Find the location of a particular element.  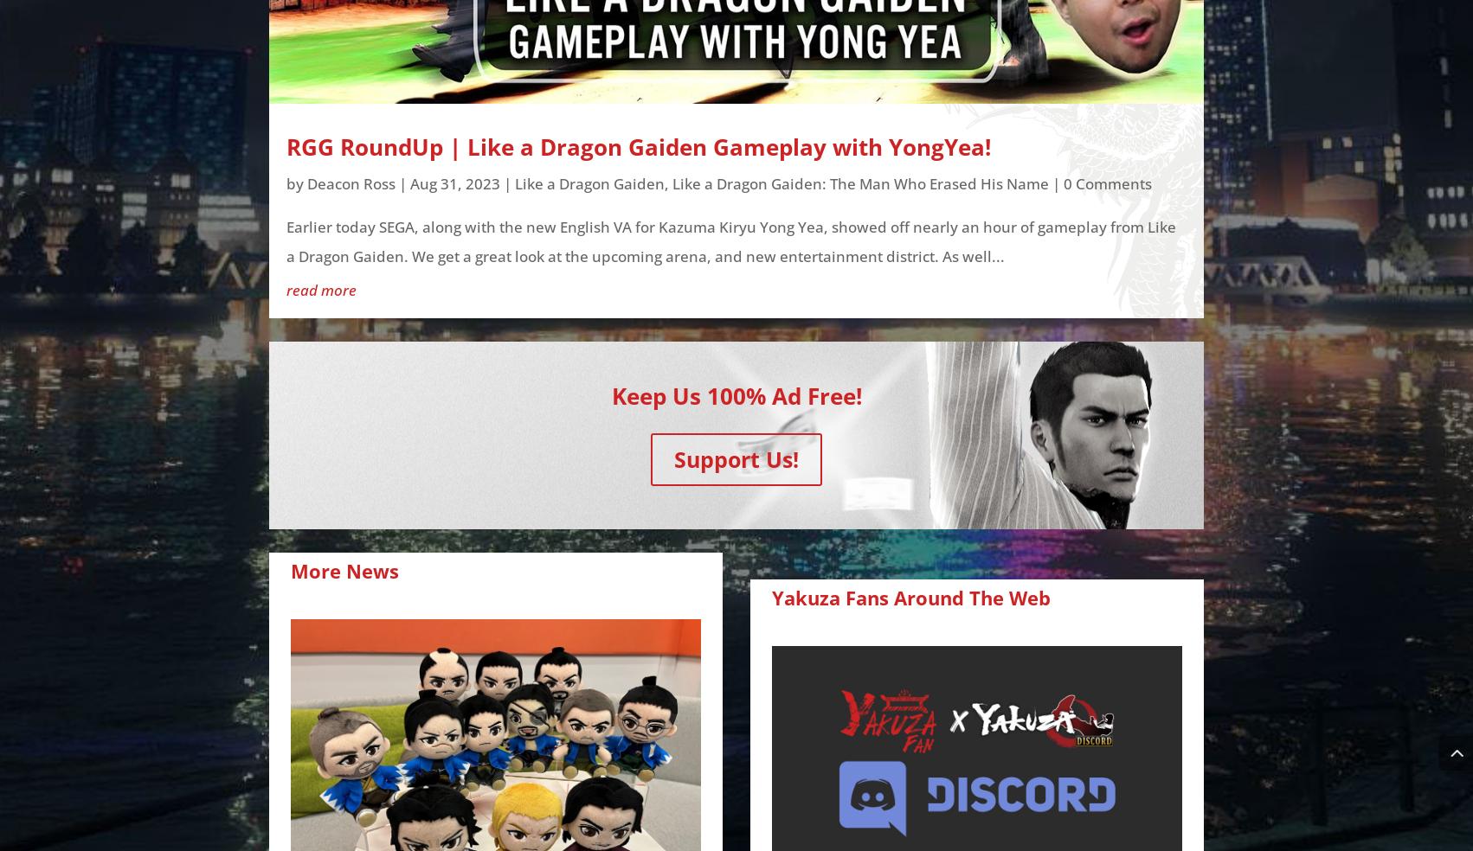

'Like a Dragon Gaiden' is located at coordinates (589, 182).